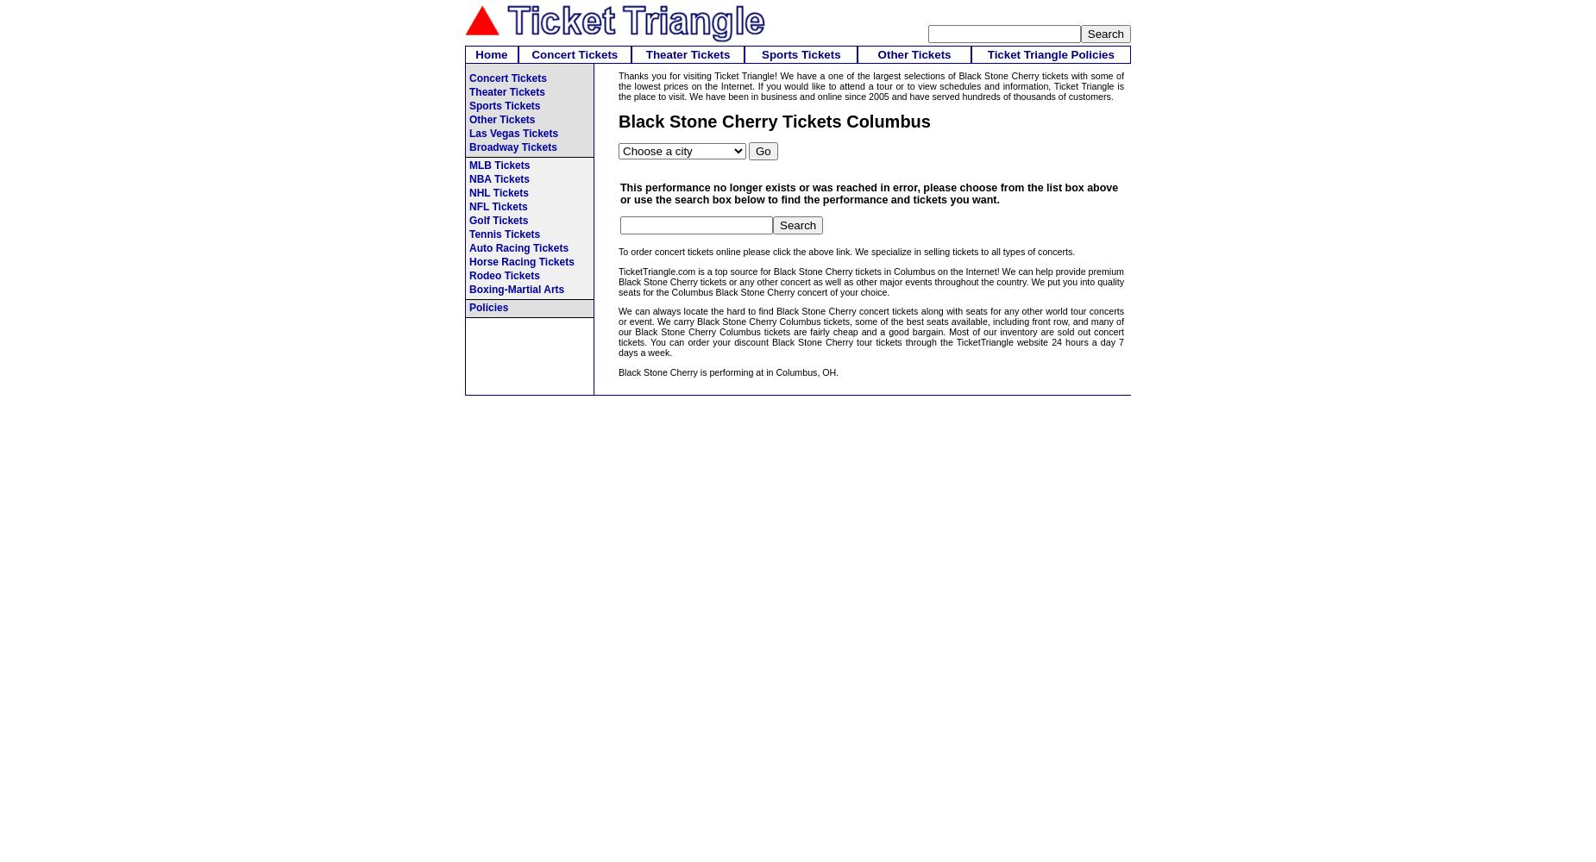 The width and height of the screenshot is (1596, 862). I want to click on 'This performance no longer exists or was reached in error, please choose from the list box above or use the search box below to find the performance and tickets you want.', so click(868, 192).